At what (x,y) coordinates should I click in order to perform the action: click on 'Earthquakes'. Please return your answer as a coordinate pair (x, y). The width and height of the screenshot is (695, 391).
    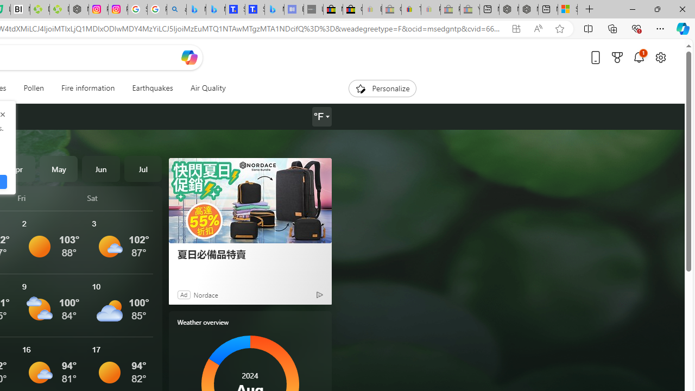
    Looking at the image, I should click on (151, 88).